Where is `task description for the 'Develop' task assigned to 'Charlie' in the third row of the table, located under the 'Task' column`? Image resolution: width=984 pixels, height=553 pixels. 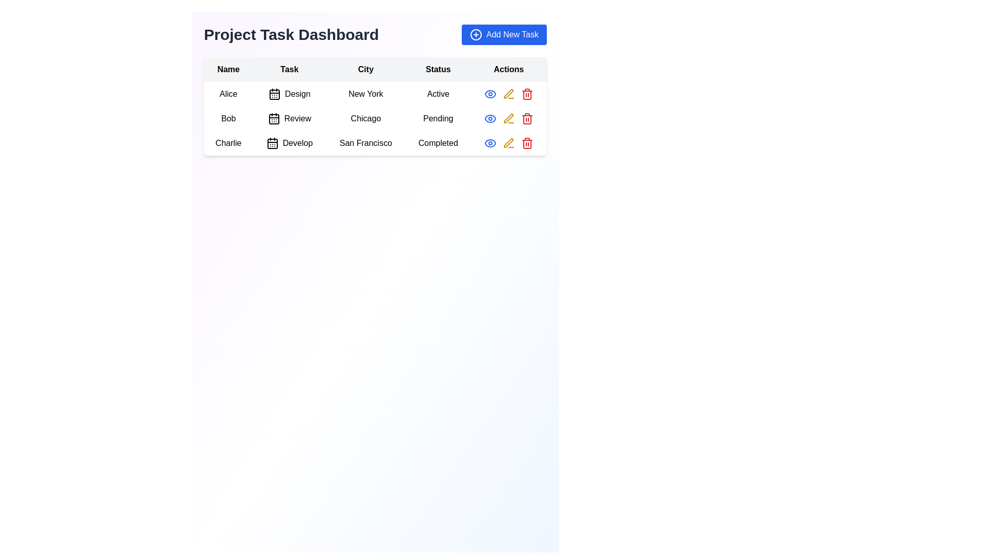 task description for the 'Develop' task assigned to 'Charlie' in the third row of the table, located under the 'Task' column is located at coordinates (289, 143).